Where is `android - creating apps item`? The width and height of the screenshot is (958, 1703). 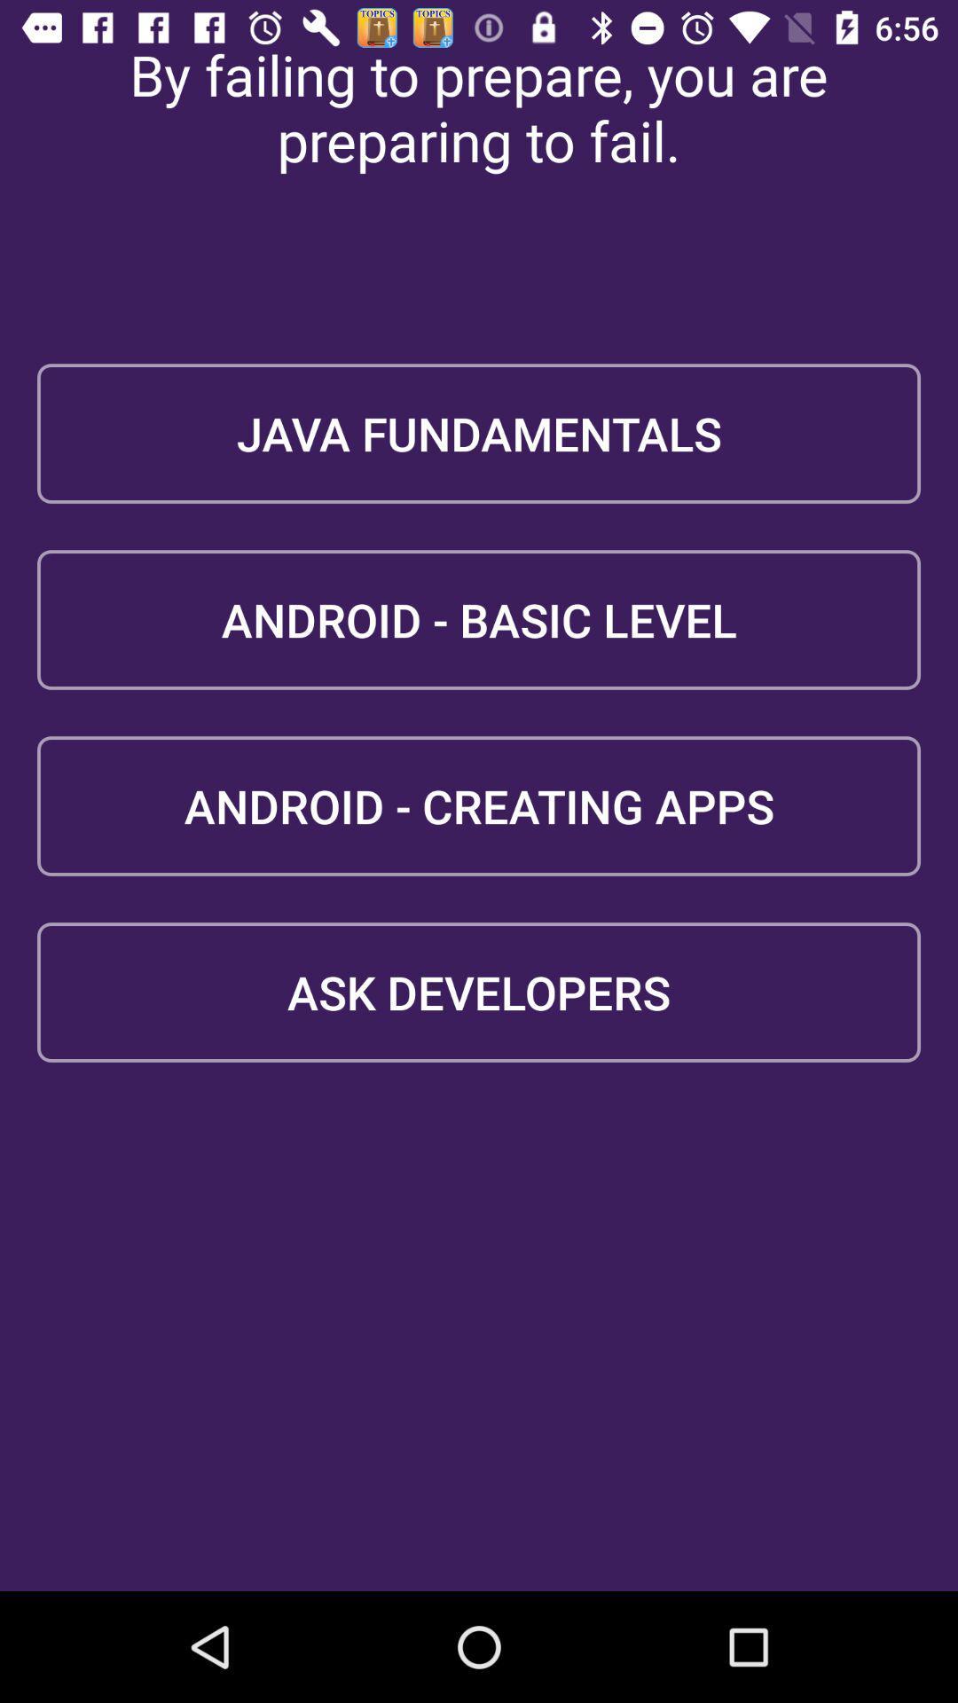 android - creating apps item is located at coordinates (479, 804).